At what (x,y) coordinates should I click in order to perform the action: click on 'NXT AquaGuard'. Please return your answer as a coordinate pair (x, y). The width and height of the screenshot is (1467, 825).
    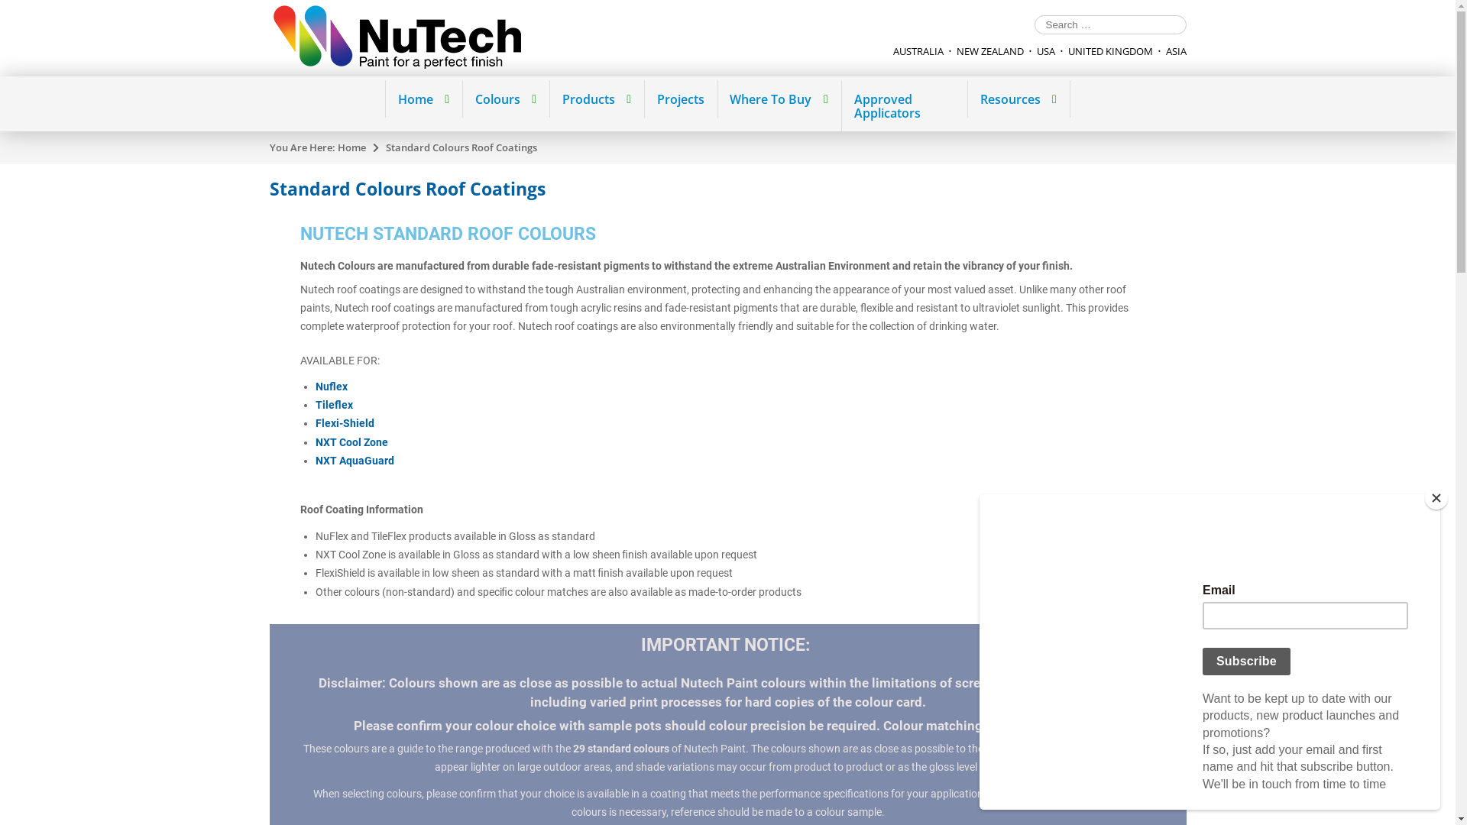
    Looking at the image, I should click on (353, 459).